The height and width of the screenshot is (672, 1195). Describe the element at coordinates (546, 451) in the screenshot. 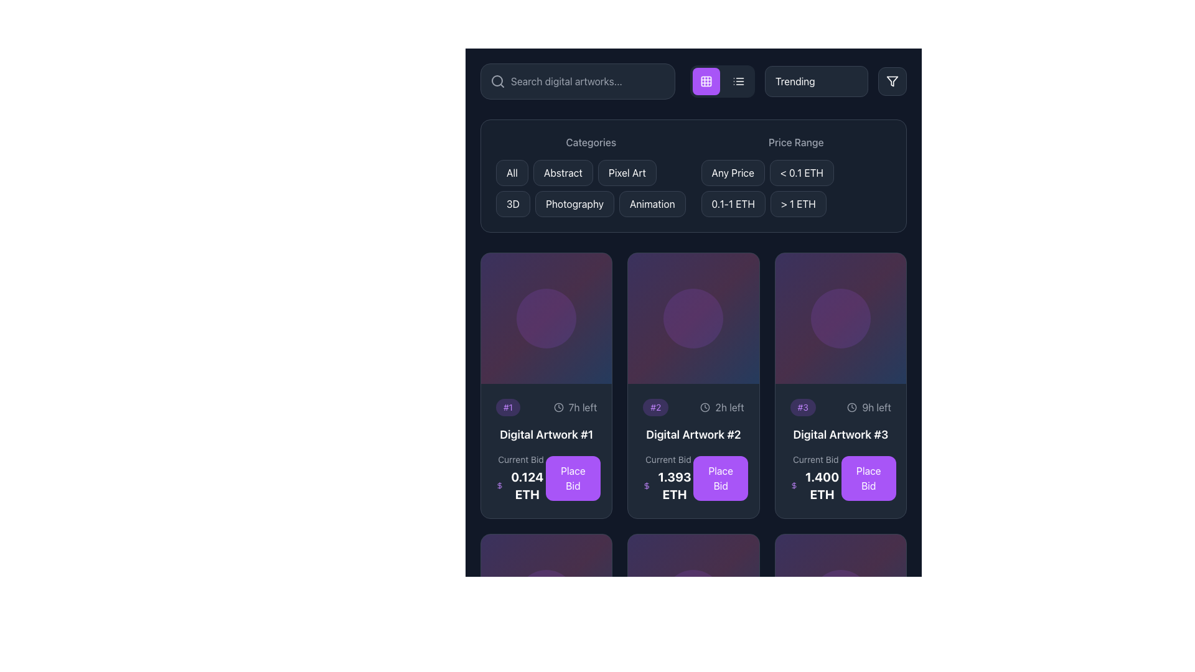

I see `displayed information from the digital artwork listing located in the first column of the grid layout, which includes details about the artwork, its current bid, and a button to place a bid` at that location.